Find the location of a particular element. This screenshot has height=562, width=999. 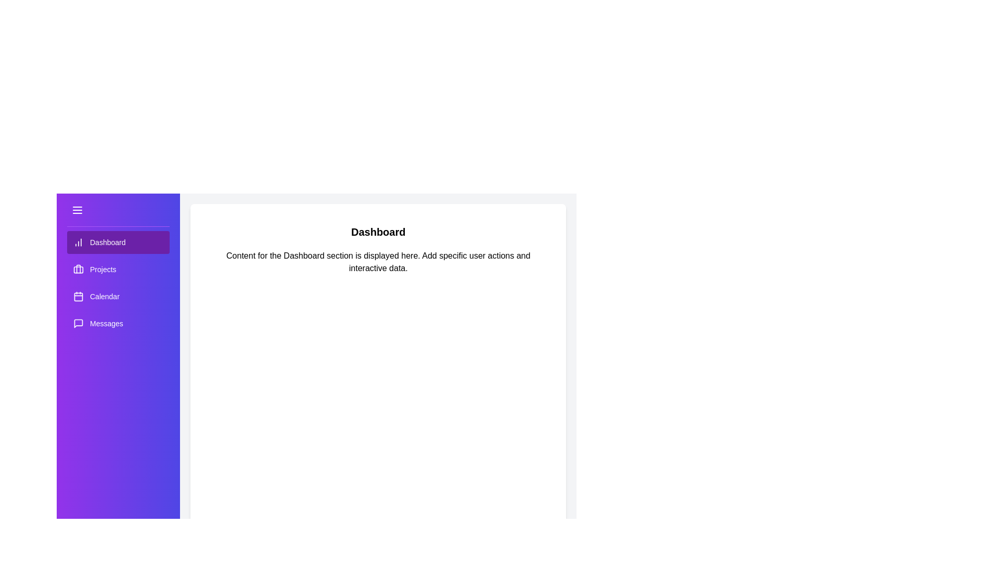

the menu item labeled Calendar to switch the content is located at coordinates (118, 297).